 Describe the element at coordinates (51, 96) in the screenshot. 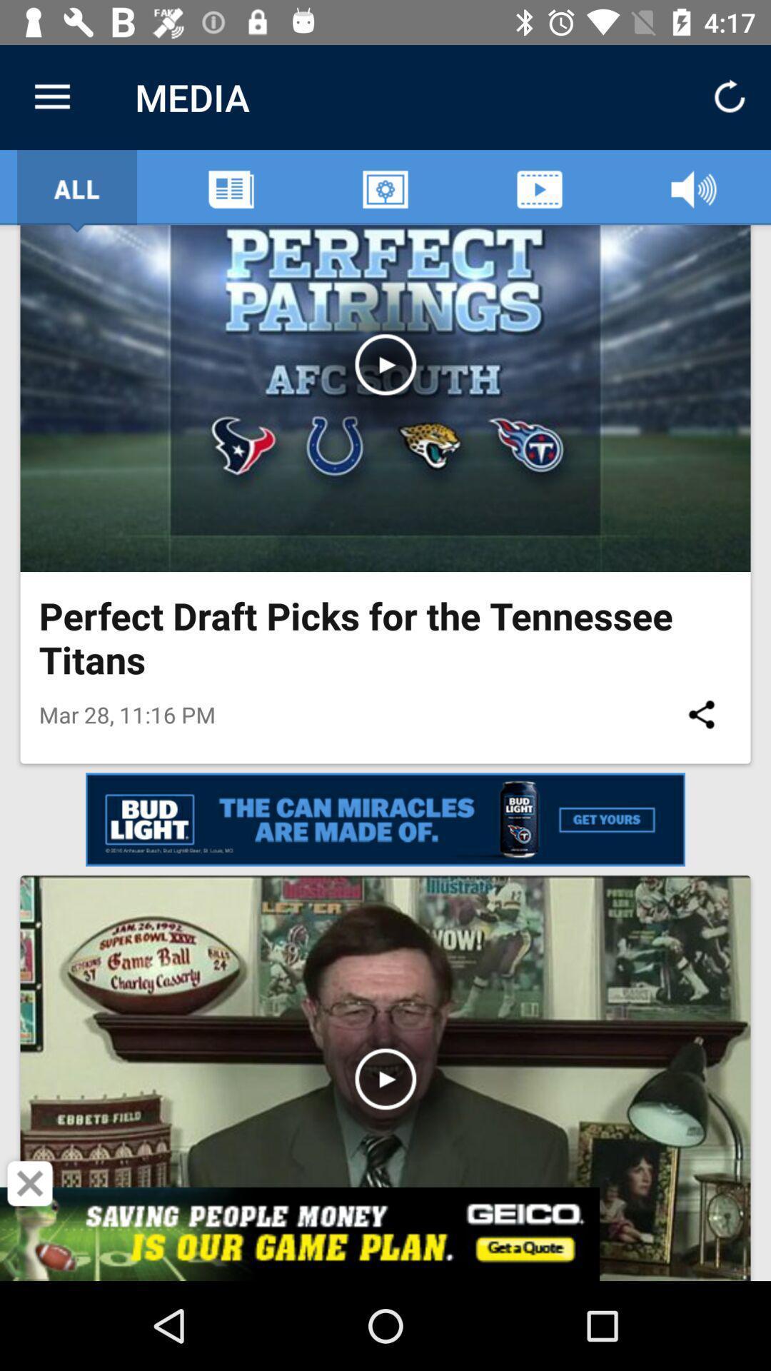

I see `the icon next to the media` at that location.